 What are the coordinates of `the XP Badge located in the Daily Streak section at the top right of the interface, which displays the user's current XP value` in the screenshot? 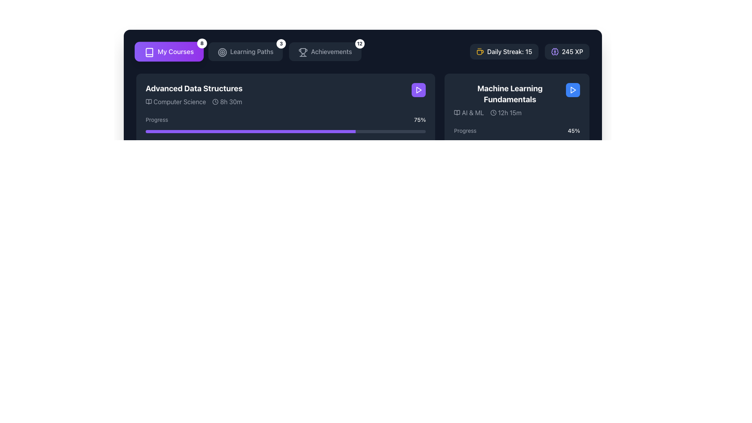 It's located at (567, 51).